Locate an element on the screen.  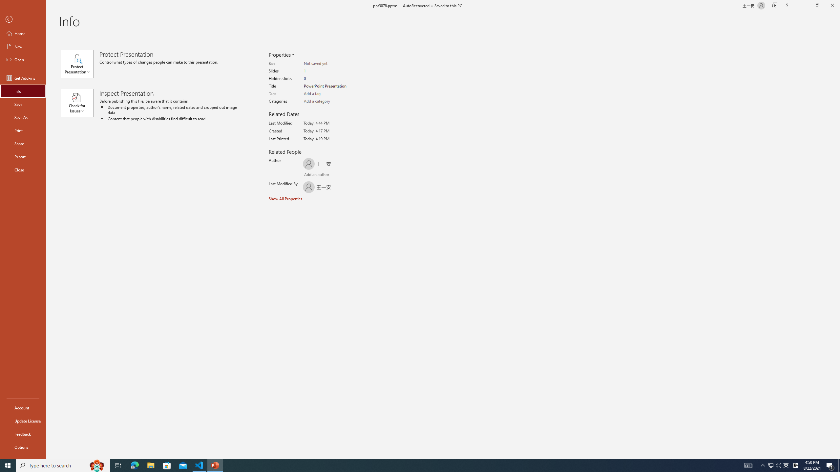
'Show All Properties' is located at coordinates (286, 198).